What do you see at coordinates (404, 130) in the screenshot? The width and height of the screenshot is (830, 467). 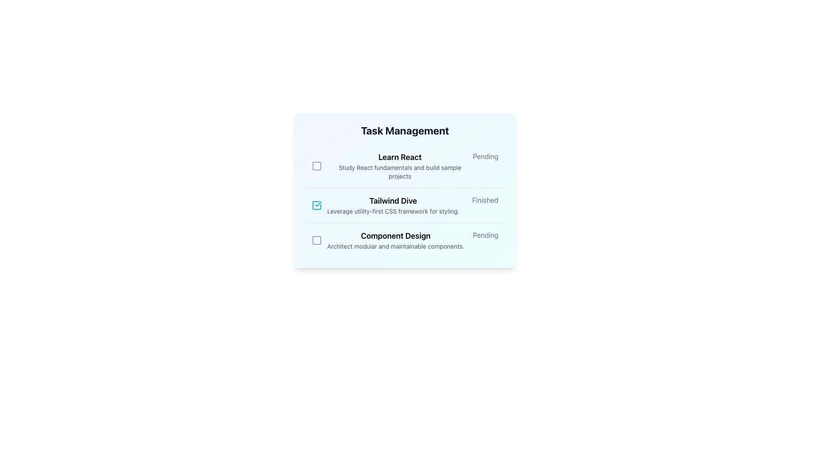 I see `the 'Task Management' text label, which is displayed in bold and extra-large dark gray font at the top of the card interface` at bounding box center [404, 130].